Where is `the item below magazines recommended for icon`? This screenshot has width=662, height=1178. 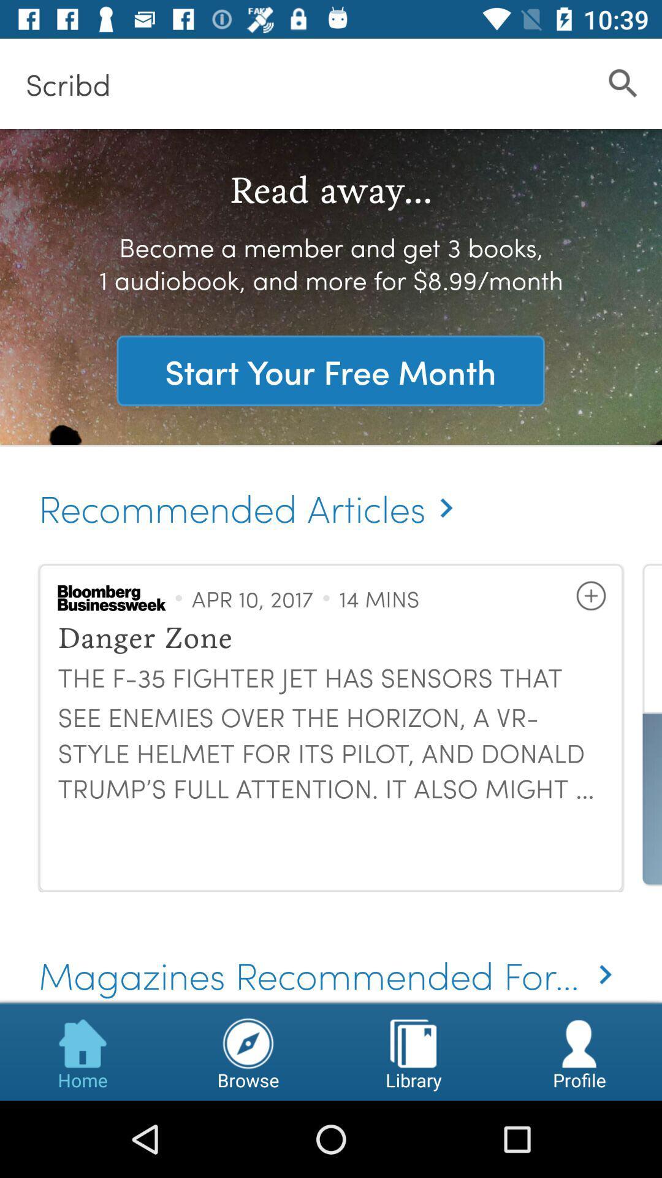 the item below magazines recommended for icon is located at coordinates (248, 1052).